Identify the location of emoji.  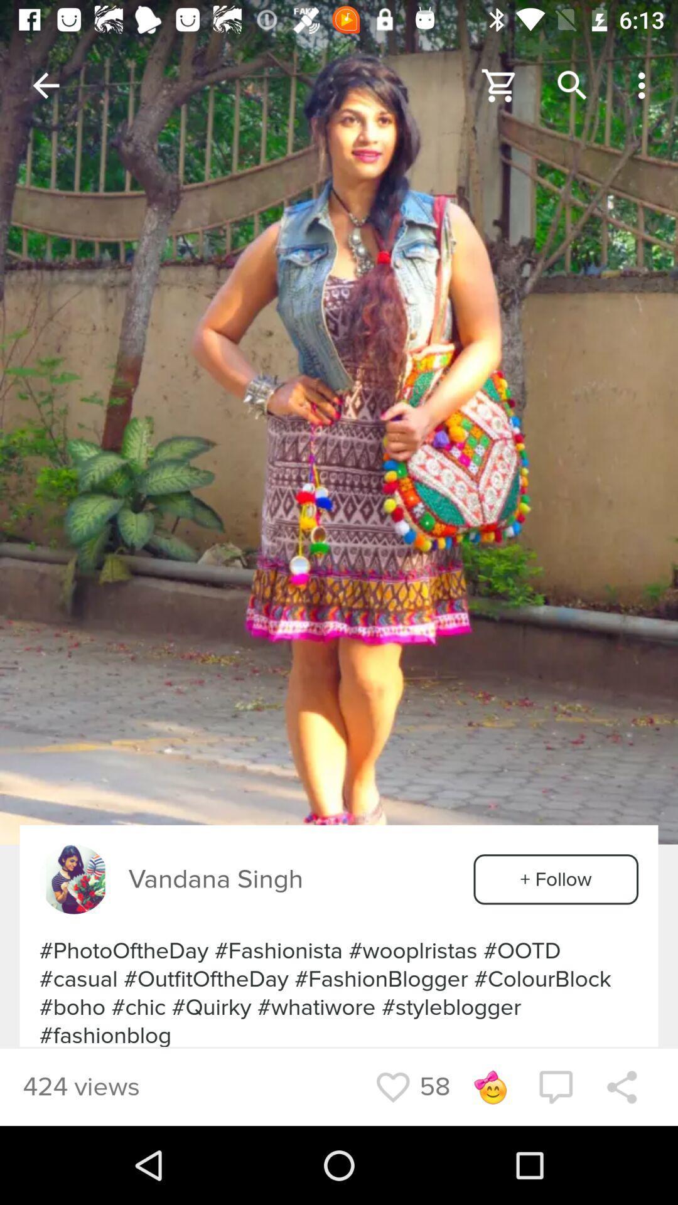
(489, 1086).